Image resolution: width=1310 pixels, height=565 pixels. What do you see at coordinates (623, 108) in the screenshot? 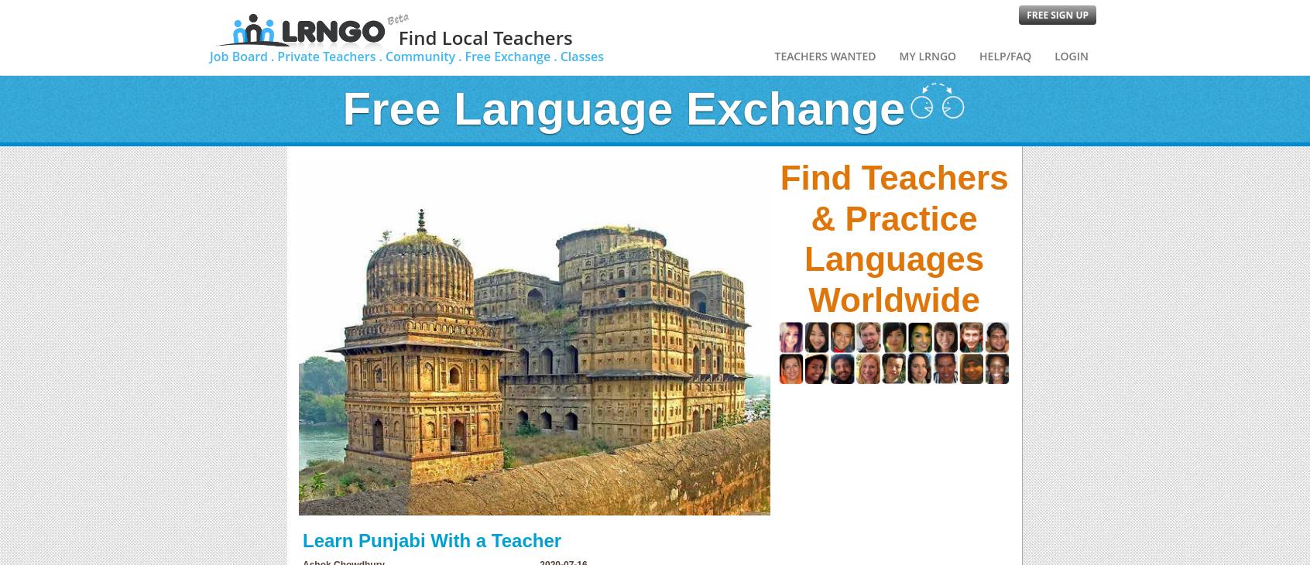
I see `'Free Language Exchange'` at bounding box center [623, 108].